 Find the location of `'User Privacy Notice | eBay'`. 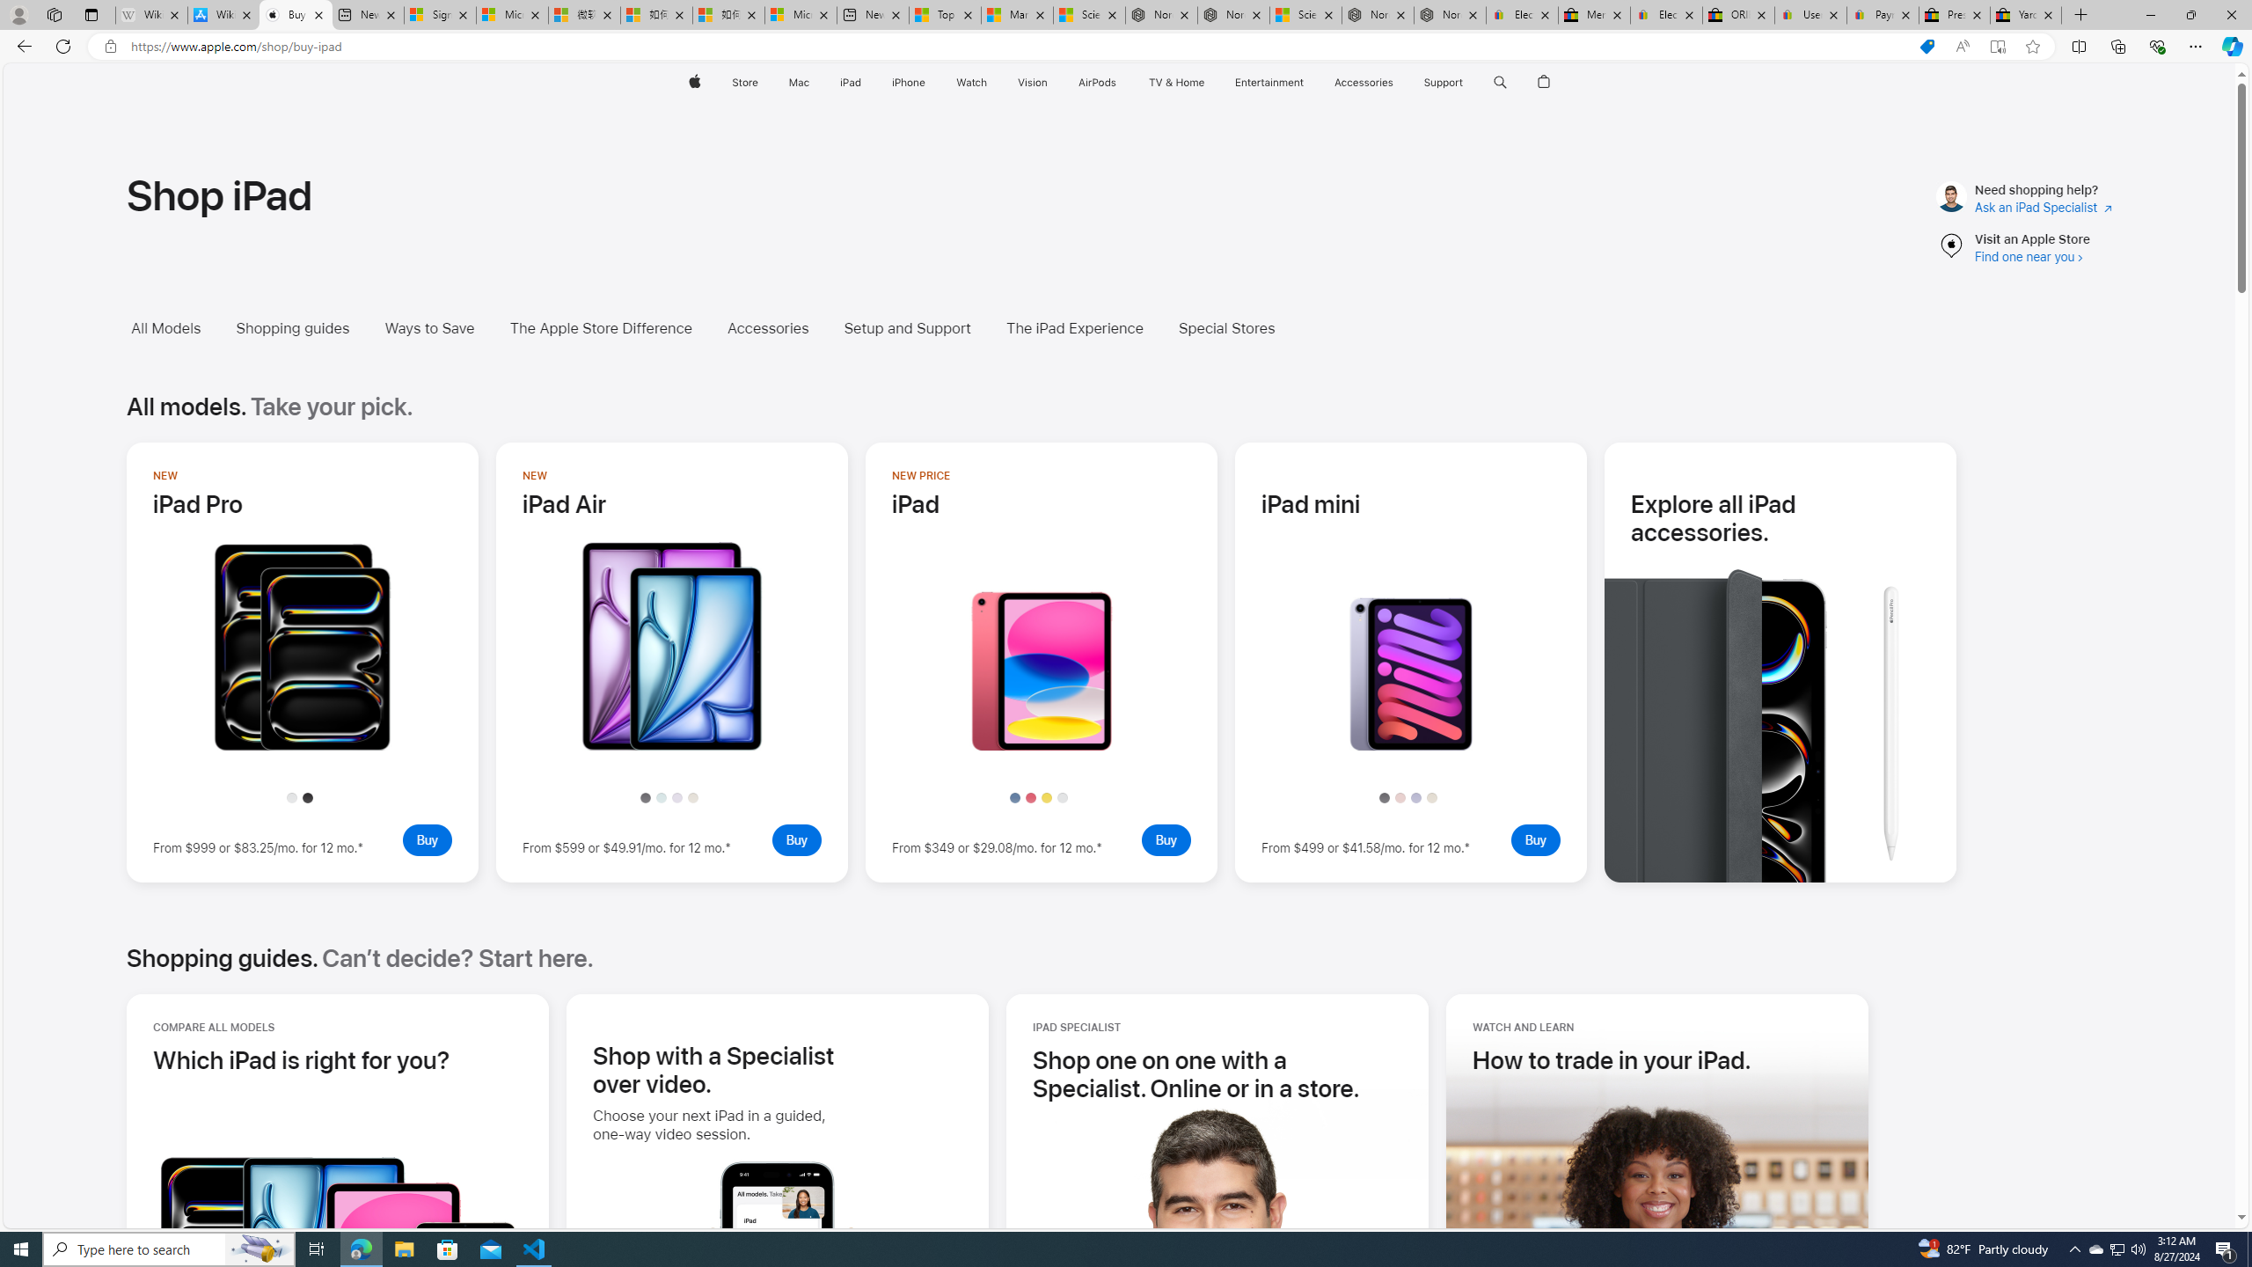

'User Privacy Notice | eBay' is located at coordinates (1810, 14).